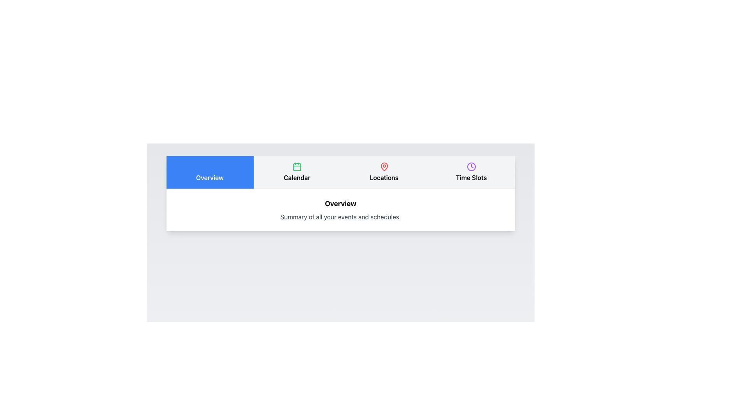  Describe the element at coordinates (210, 177) in the screenshot. I see `the 'Overview' static text label in the top navigation bar` at that location.